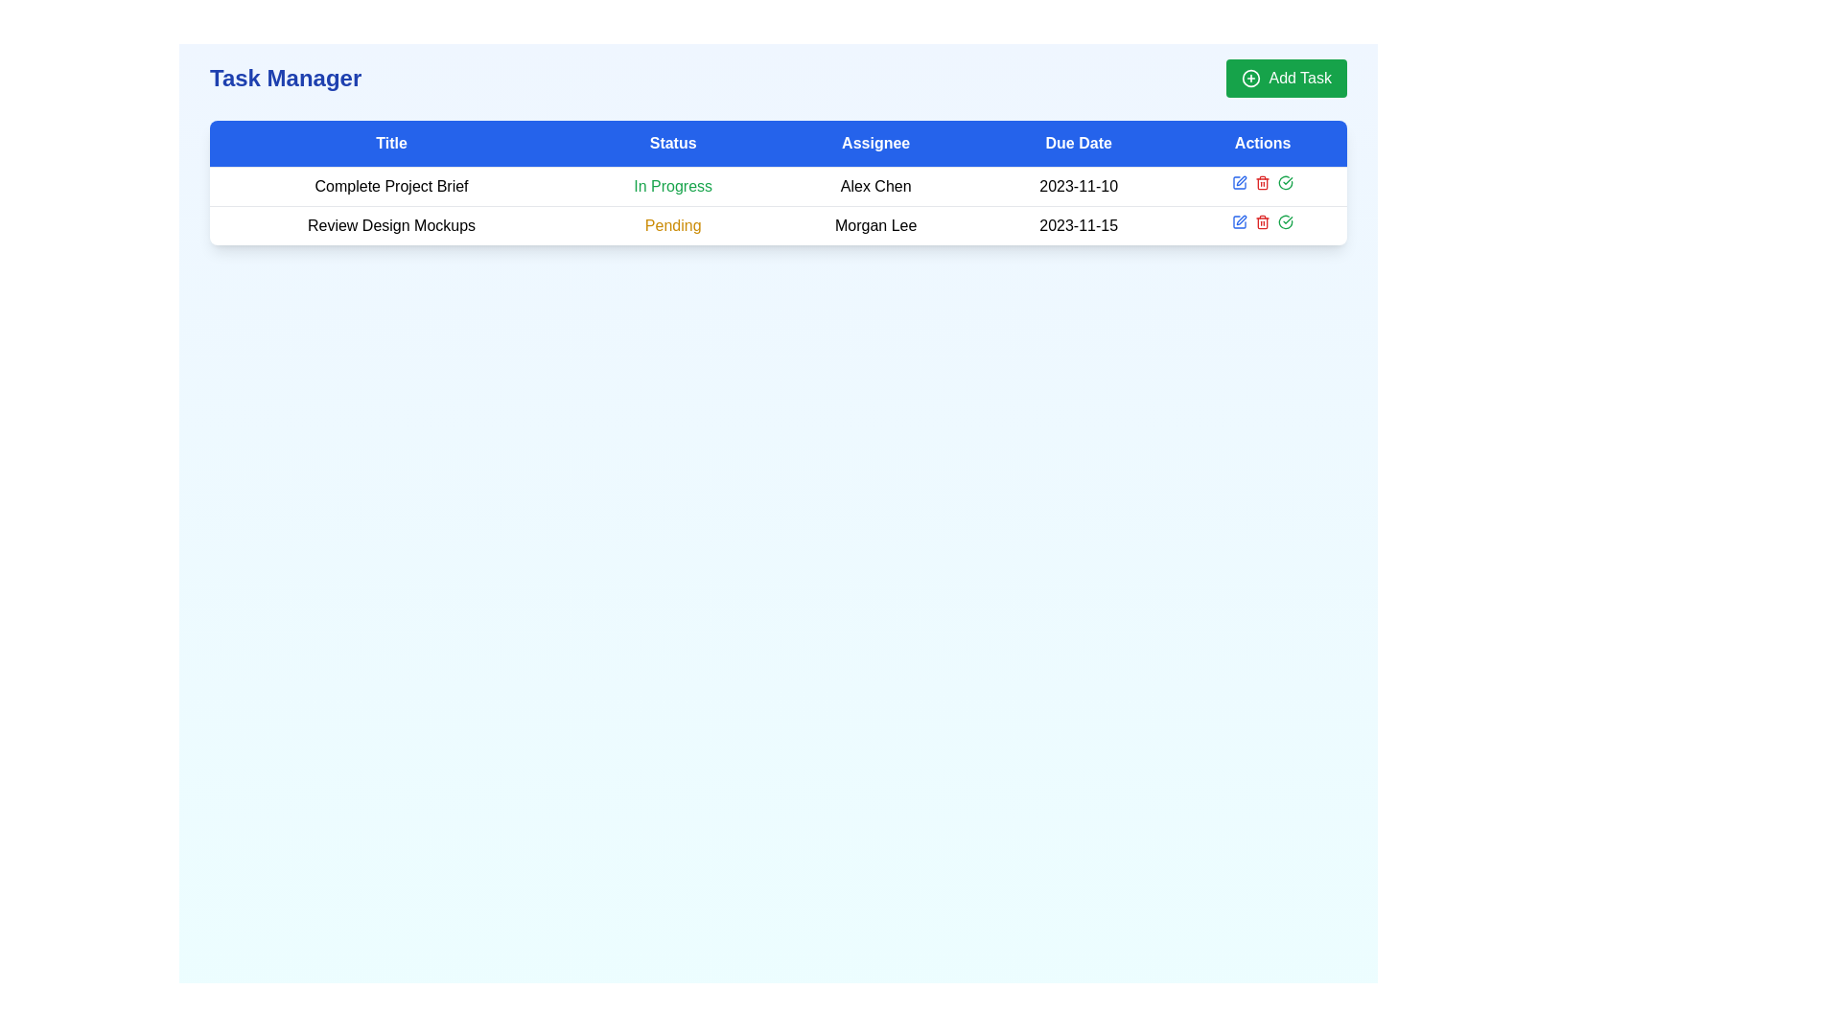 The image size is (1841, 1035). What do you see at coordinates (1079, 187) in the screenshot?
I see `the text displaying the due date for the task 'Complete Project Brief', located in the last content field of the first row under the 'Due Date' column` at bounding box center [1079, 187].